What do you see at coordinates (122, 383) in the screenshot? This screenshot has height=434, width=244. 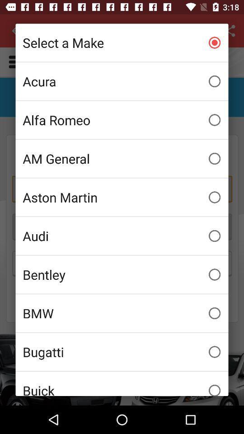 I see `the item below bugatti` at bounding box center [122, 383].